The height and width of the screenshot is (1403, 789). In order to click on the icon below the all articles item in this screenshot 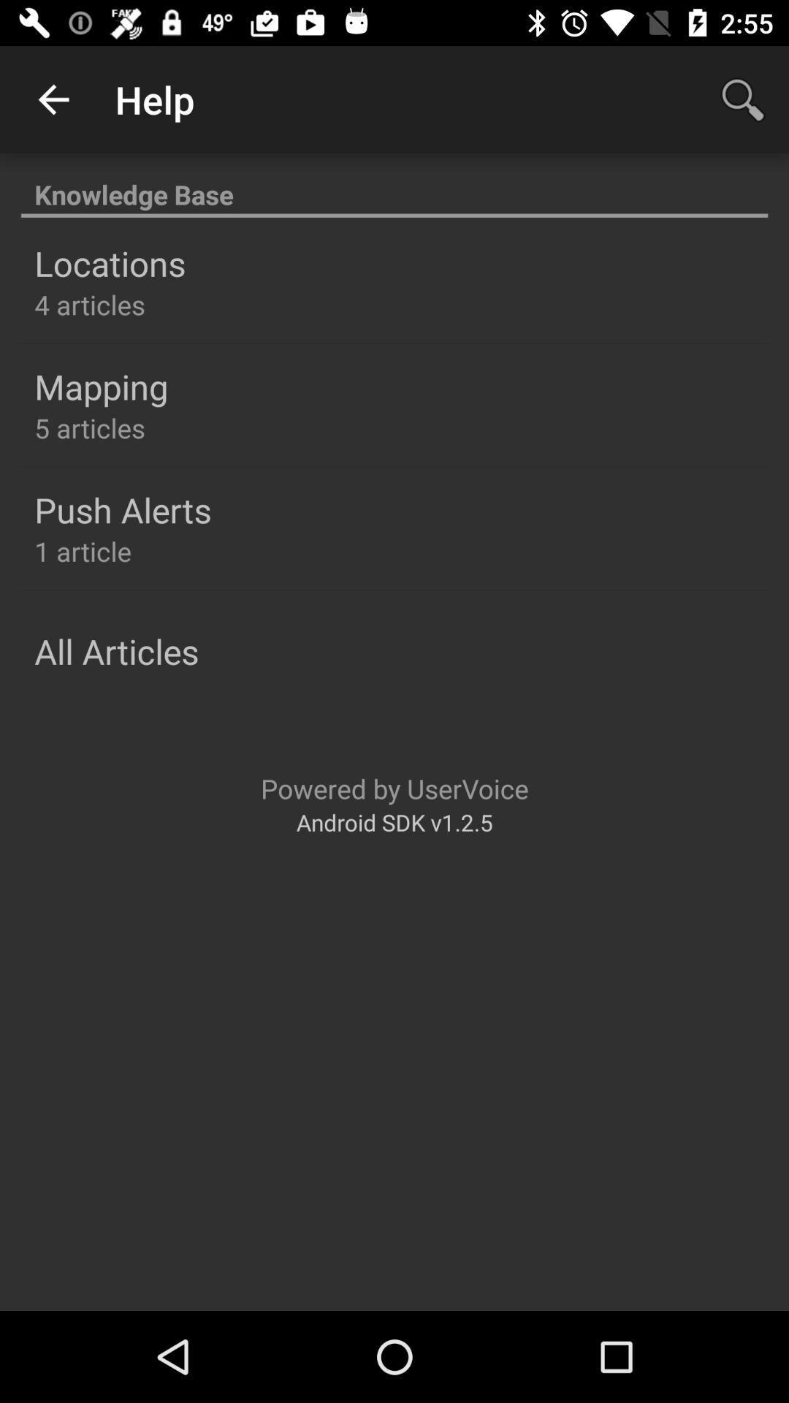, I will do `click(394, 788)`.